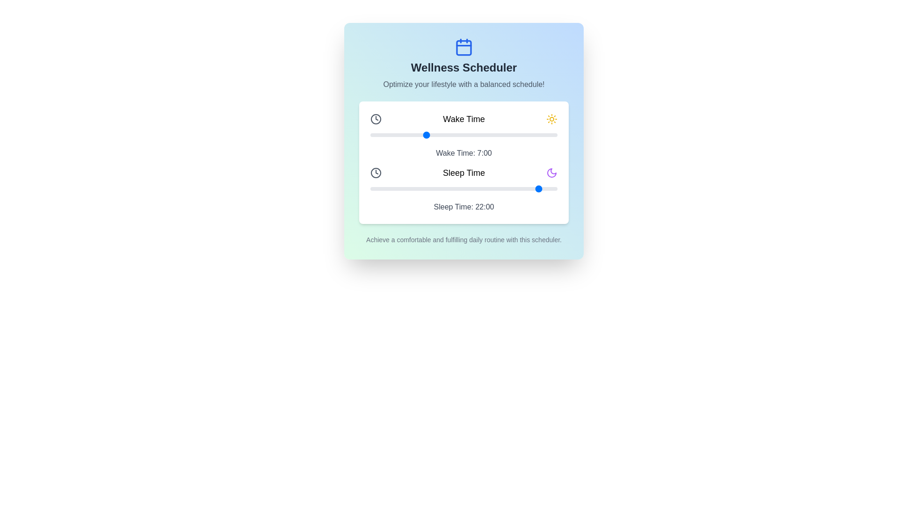 The height and width of the screenshot is (505, 898). Describe the element at coordinates (552, 118) in the screenshot. I see `the yellow sun icon located to the far right of the 'Wake Time' label in the Wellness Scheduler card` at that location.